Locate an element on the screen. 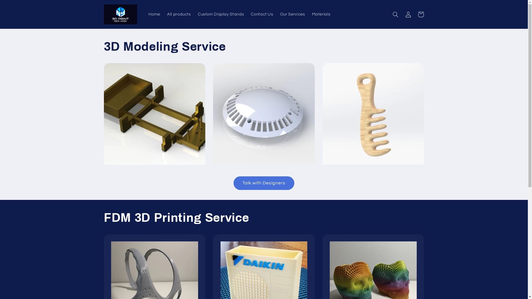  'Home' is located at coordinates (154, 14).